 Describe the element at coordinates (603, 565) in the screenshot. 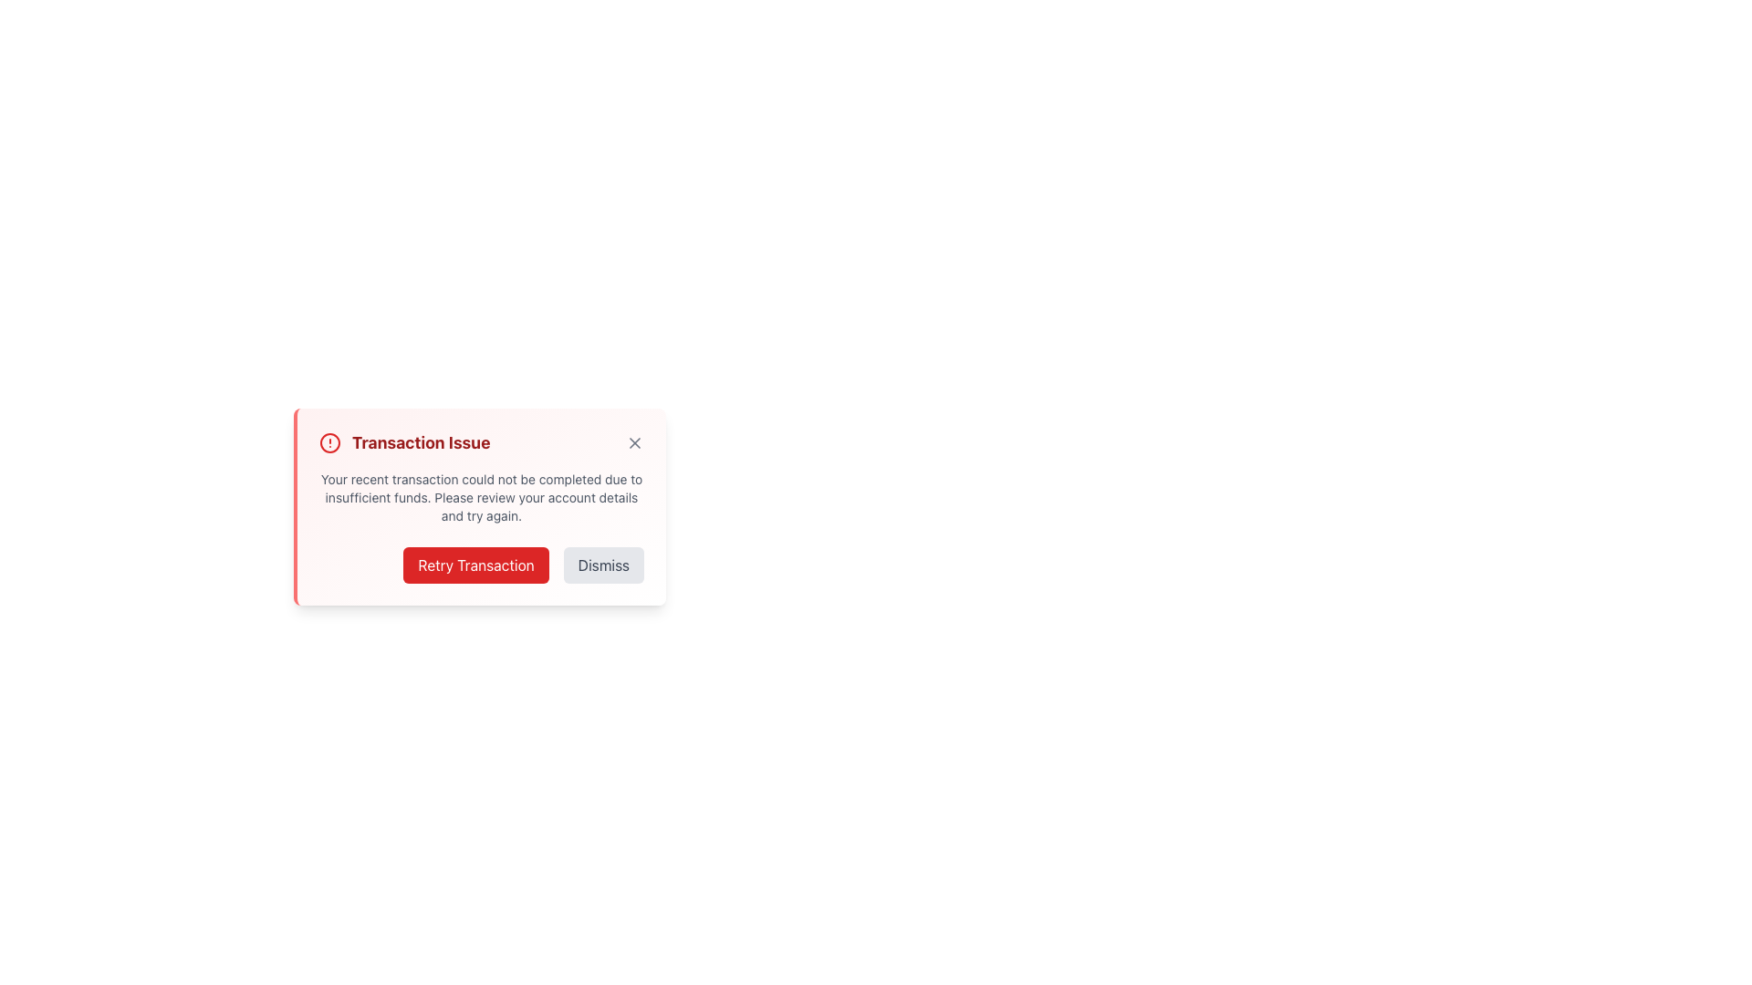

I see `the dismiss button located at the bottom right of the modal dialog to trigger a visual effect` at that location.